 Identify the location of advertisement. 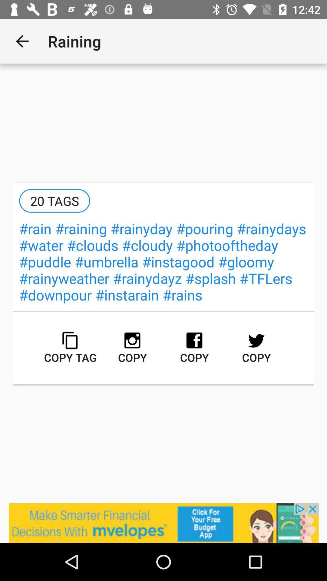
(163, 523).